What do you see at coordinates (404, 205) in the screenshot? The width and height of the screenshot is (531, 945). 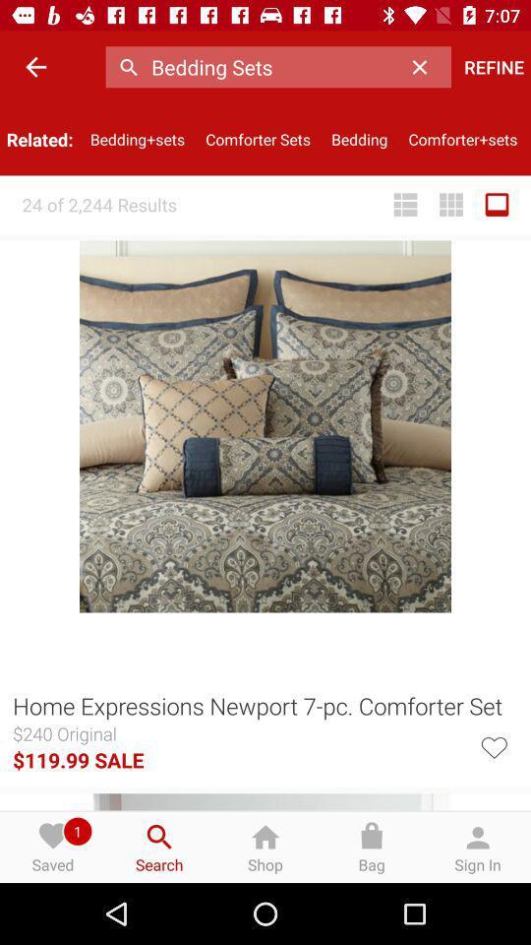 I see `item next to the 24 of 2` at bounding box center [404, 205].